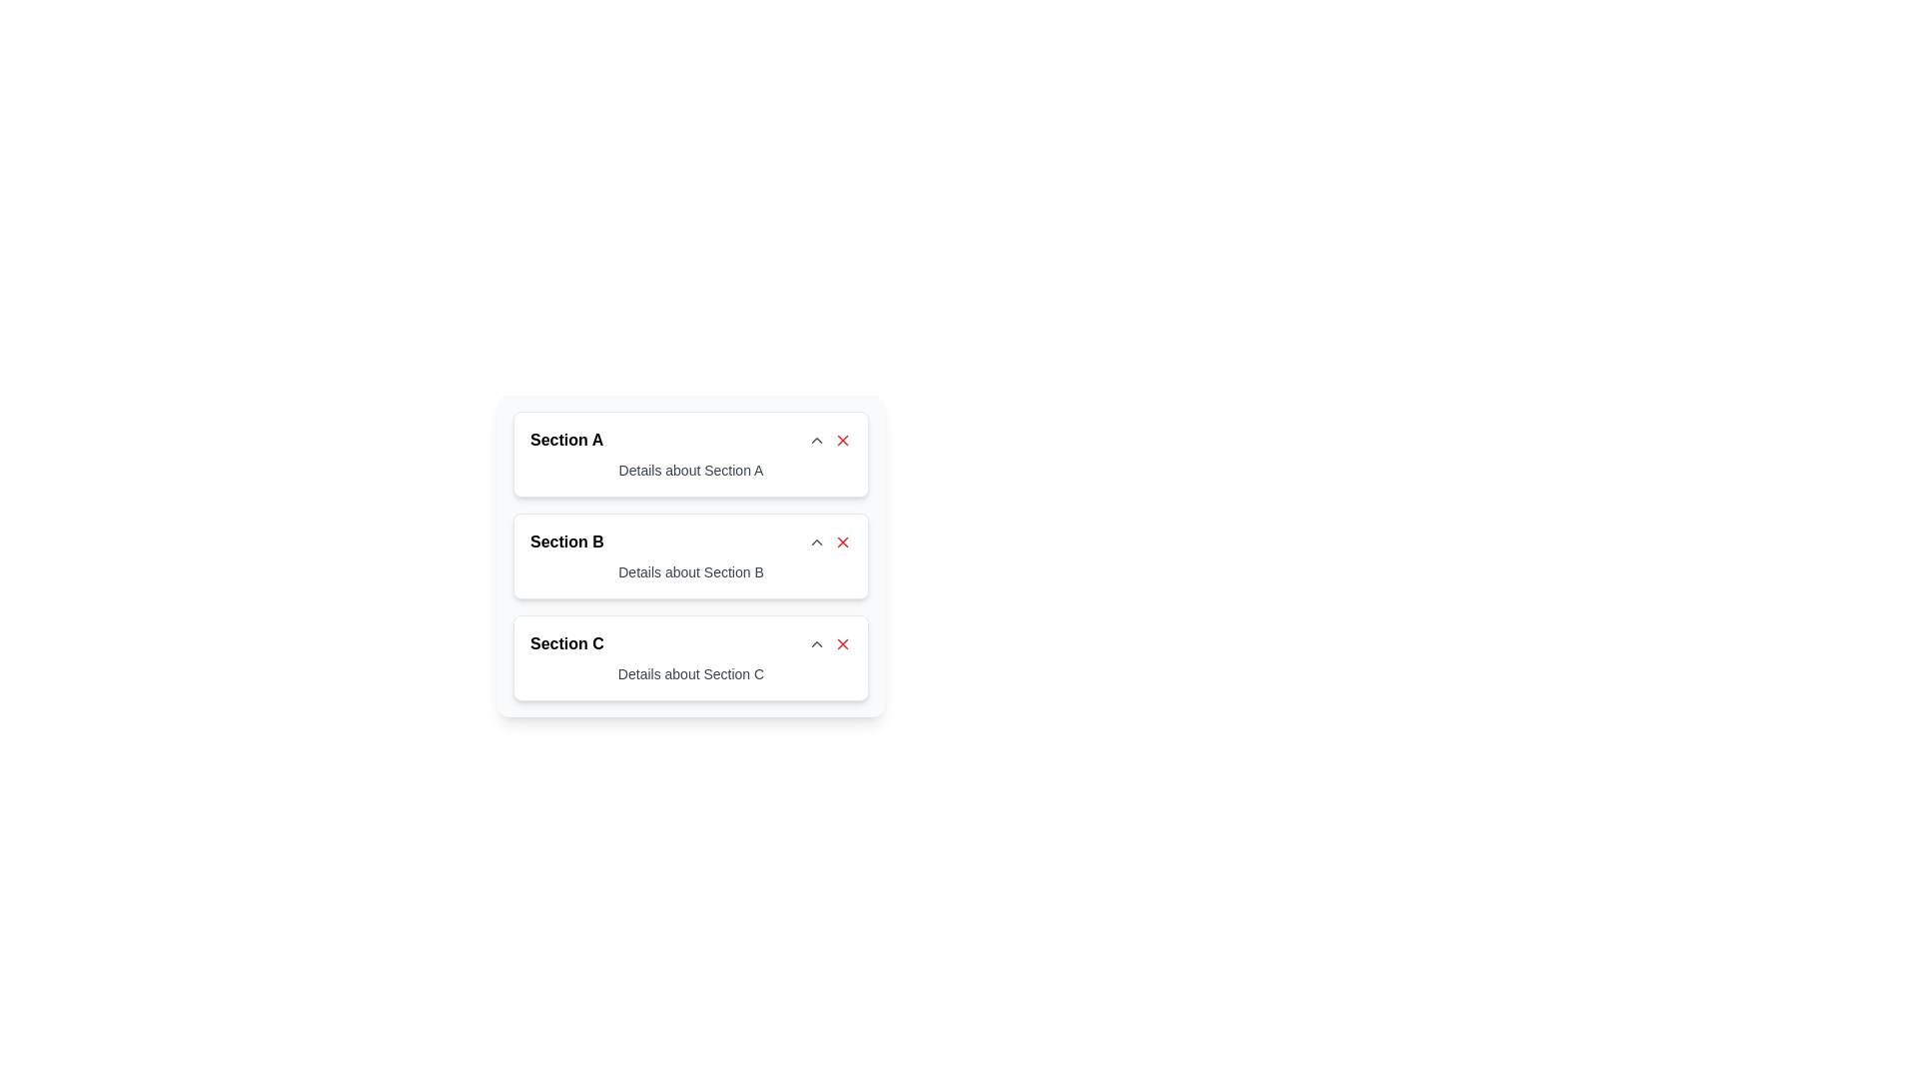 The width and height of the screenshot is (1918, 1079). I want to click on the composite buttons located to the right of the 'Section C' header, so click(829, 643).